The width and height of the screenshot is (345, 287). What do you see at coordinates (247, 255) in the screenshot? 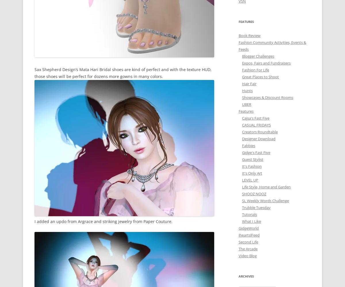
I see `'Video Blog'` at bounding box center [247, 255].